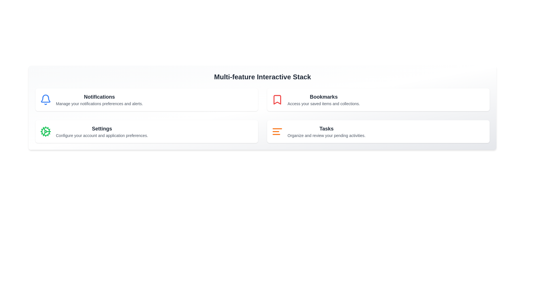 The width and height of the screenshot is (545, 307). What do you see at coordinates (378, 99) in the screenshot?
I see `the 'Bookmarks' button-like card in the upper-right portion of the layout` at bounding box center [378, 99].